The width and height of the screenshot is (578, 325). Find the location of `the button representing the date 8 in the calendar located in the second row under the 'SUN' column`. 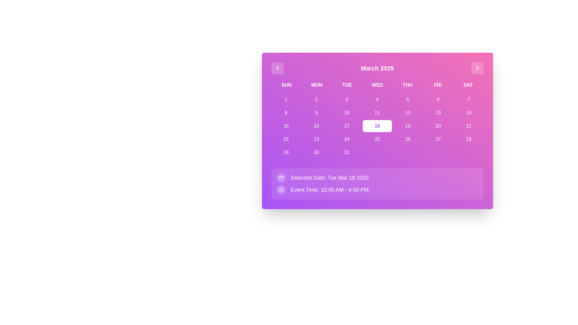

the button representing the date 8 in the calendar located in the second row under the 'SUN' column is located at coordinates (286, 113).